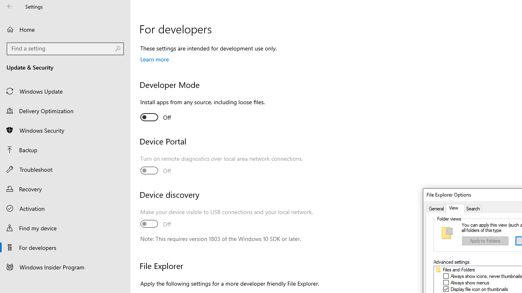 The width and height of the screenshot is (522, 293). I want to click on 'Files and Folders', so click(459, 270).